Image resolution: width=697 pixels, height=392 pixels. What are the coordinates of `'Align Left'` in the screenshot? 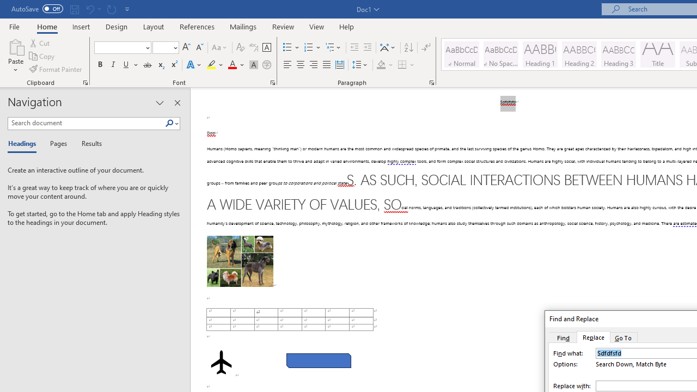 It's located at (288, 65).